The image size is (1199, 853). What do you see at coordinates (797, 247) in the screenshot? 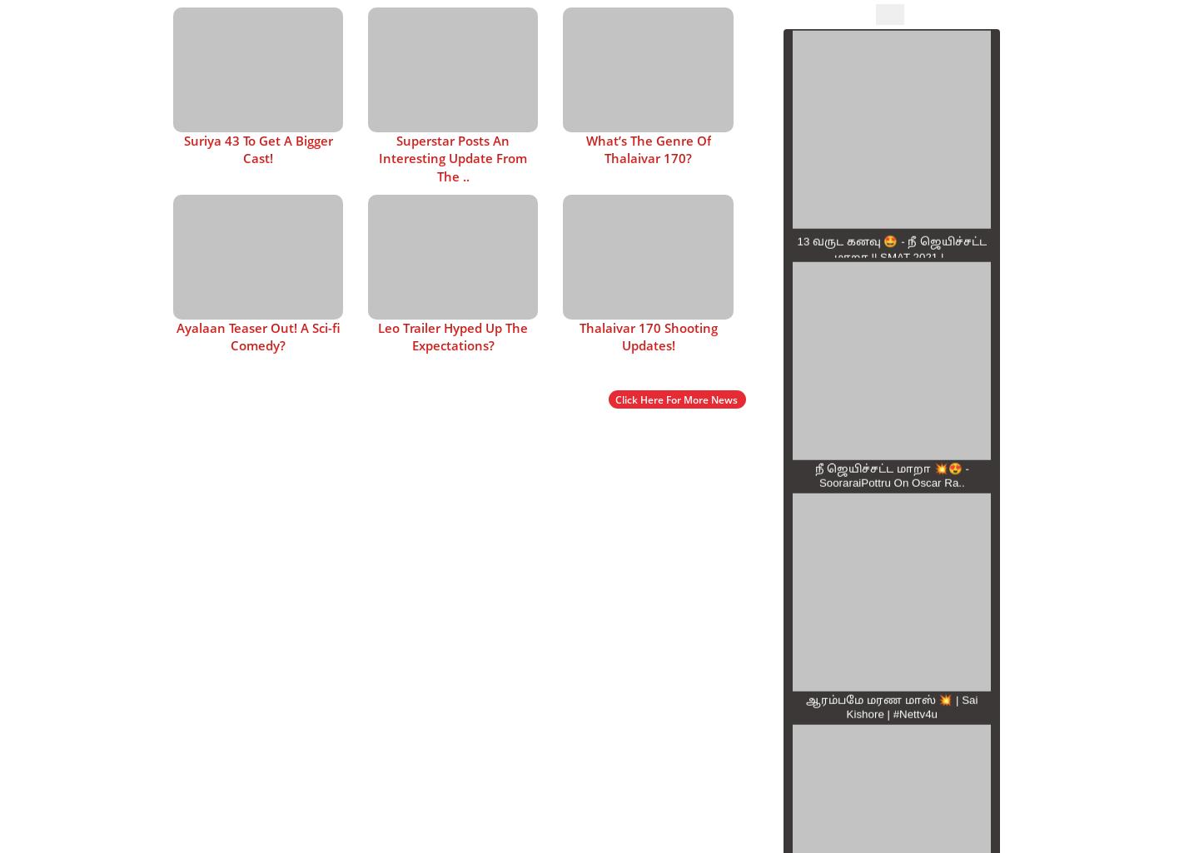
I see `'13 வருட கனவு 🤩 - நீ ஜெயிச்சட்ட மாறா || SMAT 2021 |..'` at bounding box center [797, 247].